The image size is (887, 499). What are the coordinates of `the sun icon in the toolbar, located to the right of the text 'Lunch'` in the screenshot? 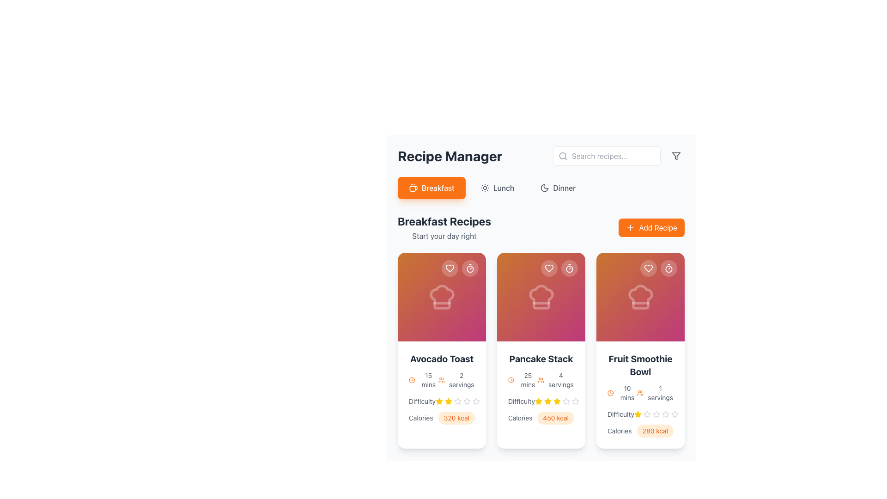 It's located at (484, 188).